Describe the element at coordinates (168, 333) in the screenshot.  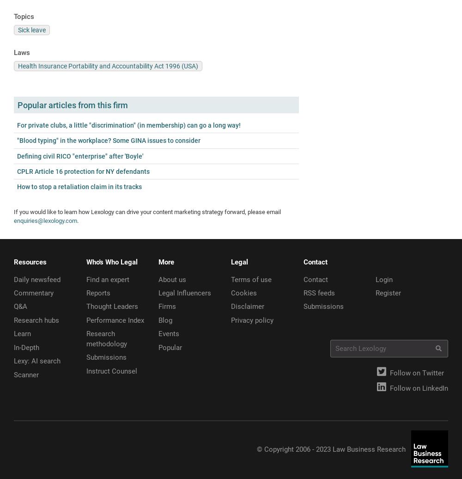
I see `'Events'` at that location.